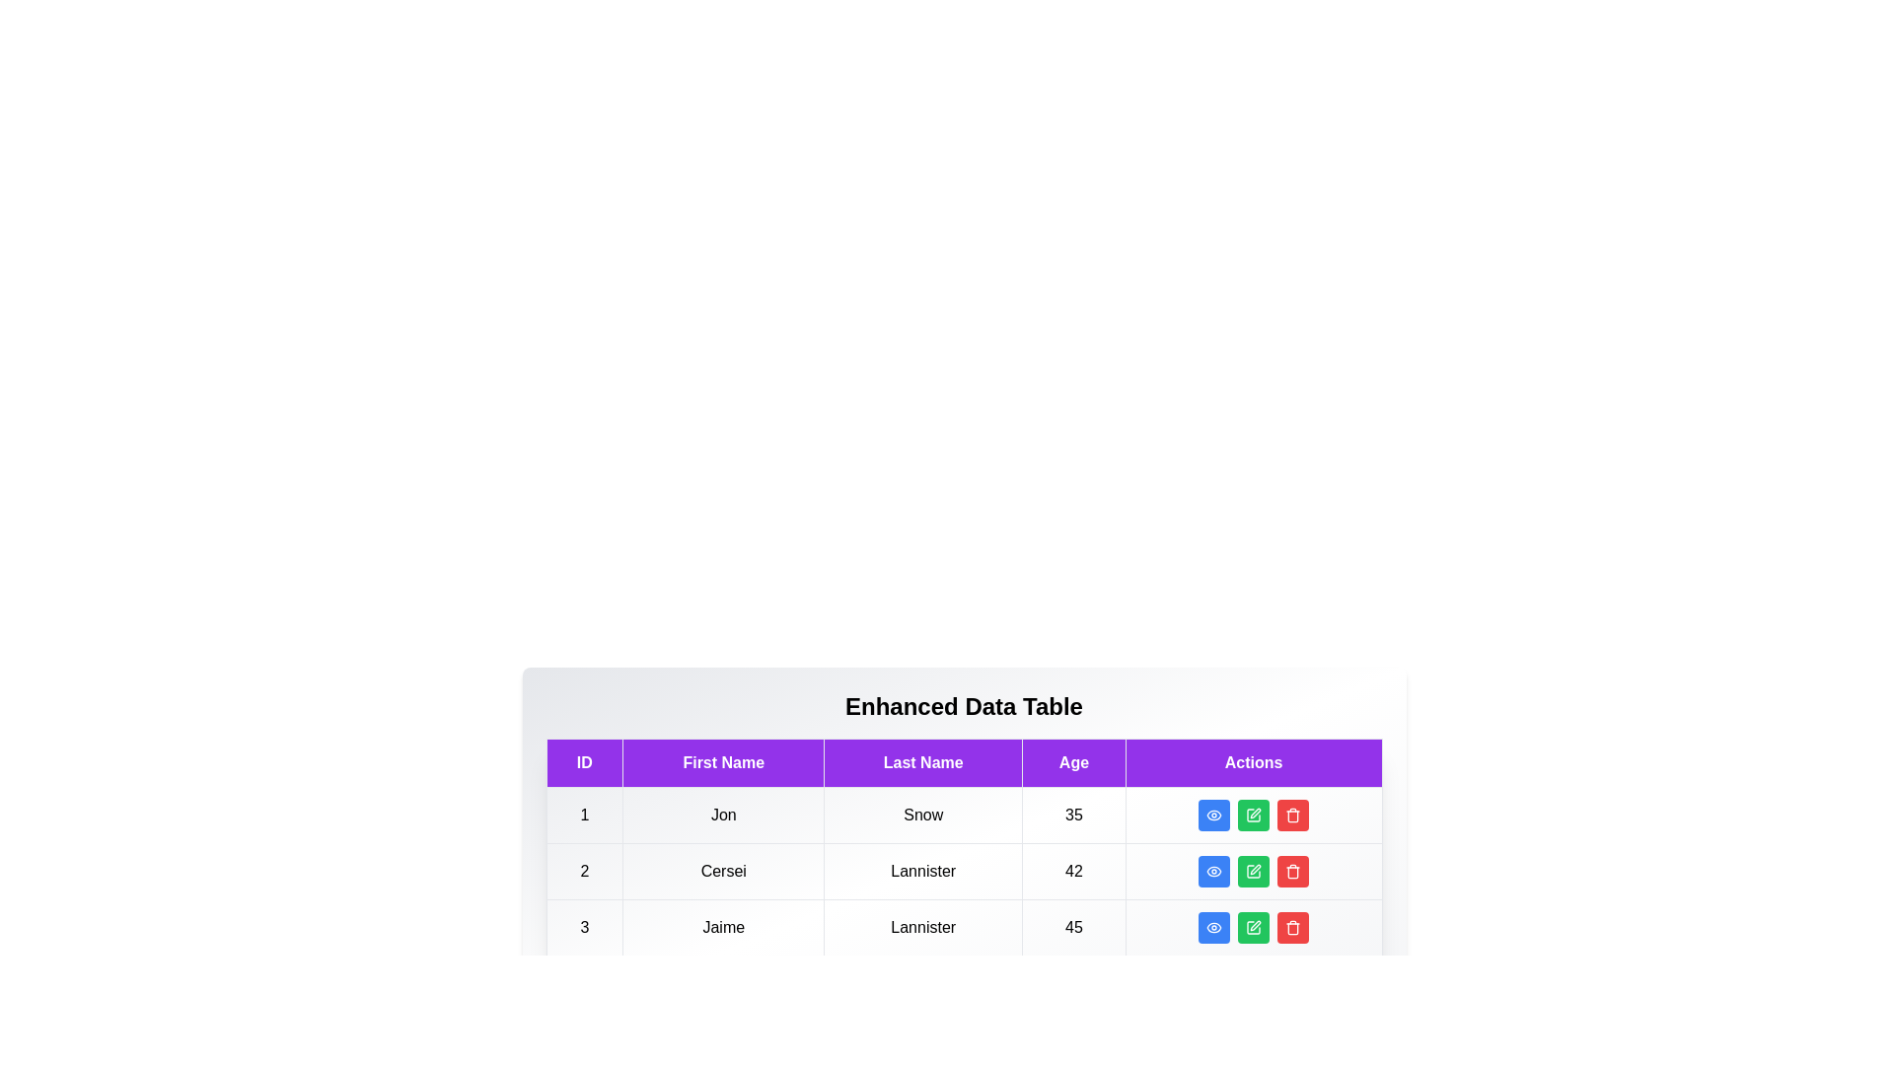  I want to click on the column header Last Name to sort the table by that column, so click(922, 762).